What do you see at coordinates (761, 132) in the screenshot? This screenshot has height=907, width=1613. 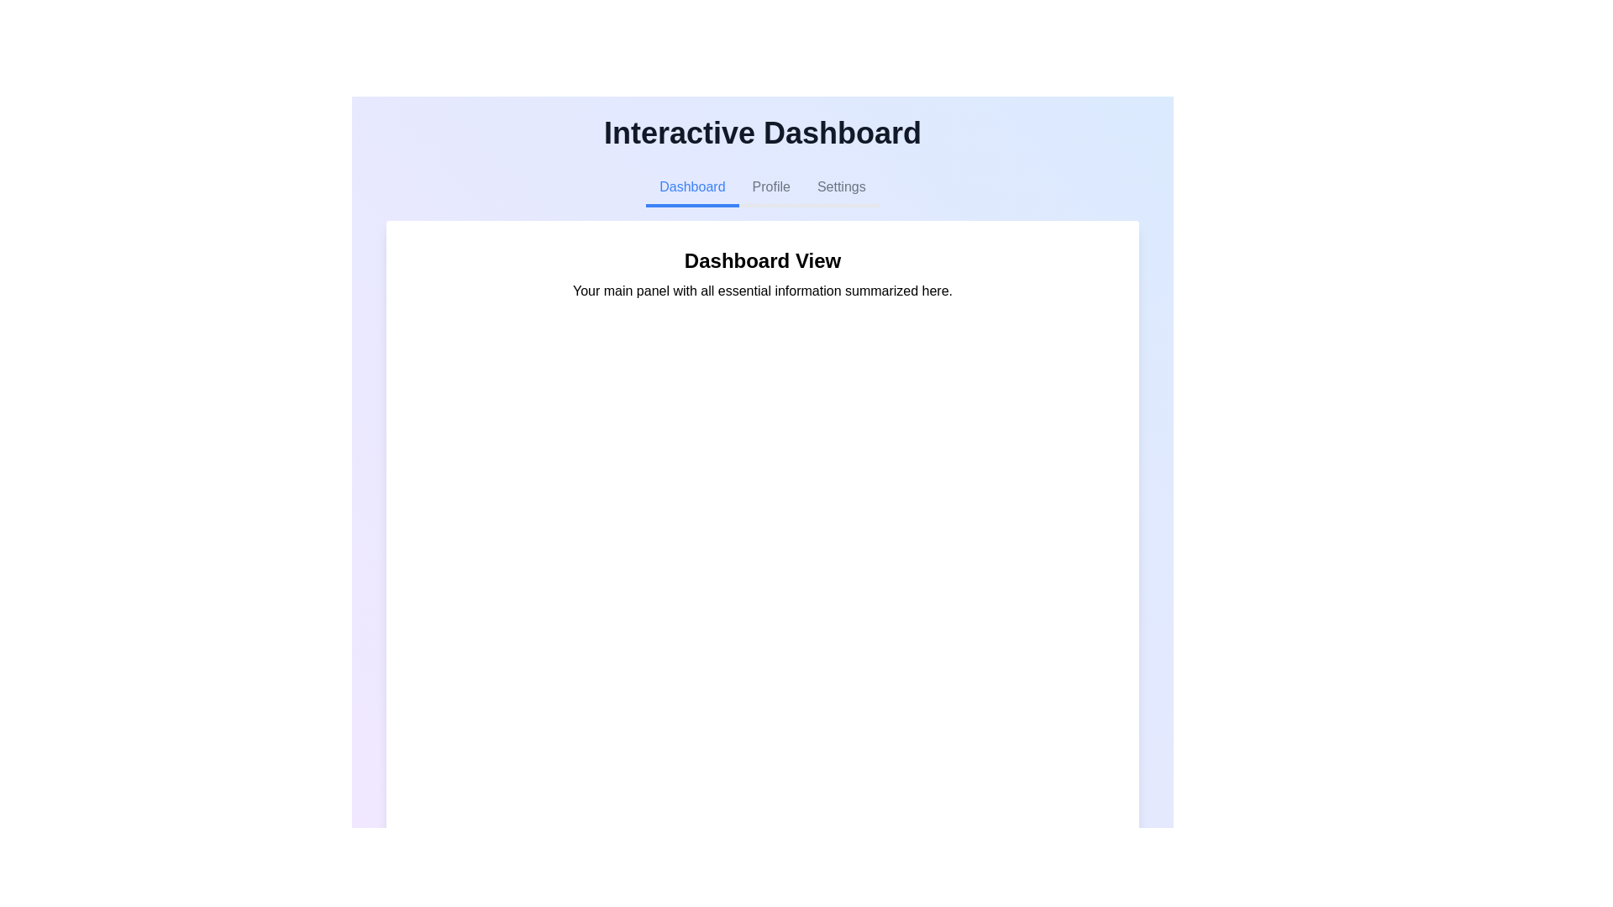 I see `the heading text element that serves as the title for the interface, located above the navigation links in the UI hierarchy` at bounding box center [761, 132].